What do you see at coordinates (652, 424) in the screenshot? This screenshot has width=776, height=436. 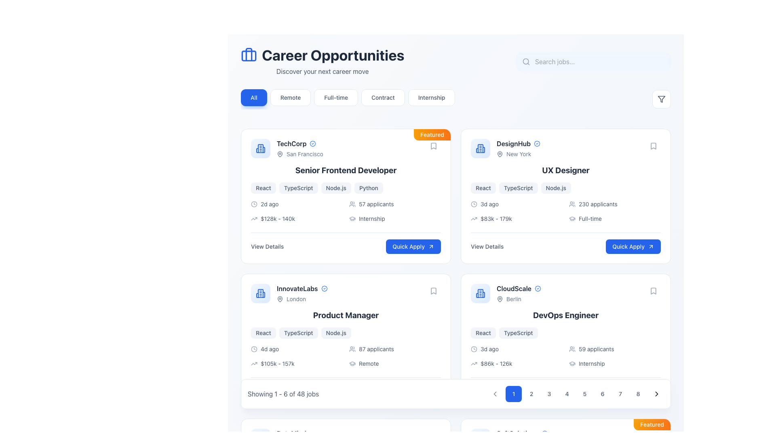 I see `the 'Featured' badge located in the top-right corner of the job listing card, which has a gradient background transitioning from amber to orange and features bold white text` at bounding box center [652, 424].